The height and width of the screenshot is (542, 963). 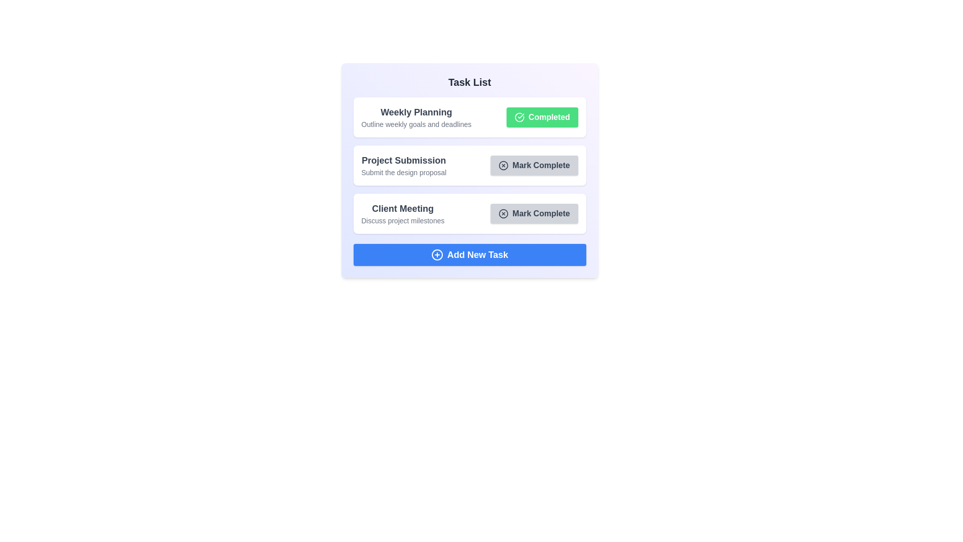 I want to click on 'Mark Complete' button for the second task to toggle its completion status, so click(x=534, y=165).